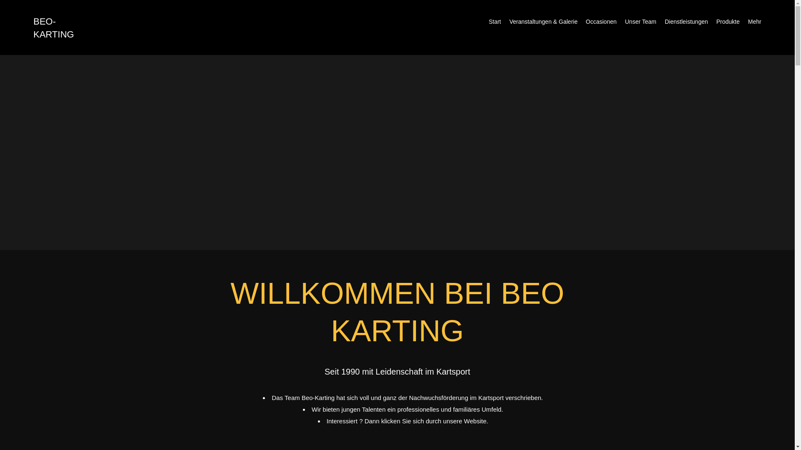  Describe the element at coordinates (53, 27) in the screenshot. I see `'BEO-KARTING'` at that location.